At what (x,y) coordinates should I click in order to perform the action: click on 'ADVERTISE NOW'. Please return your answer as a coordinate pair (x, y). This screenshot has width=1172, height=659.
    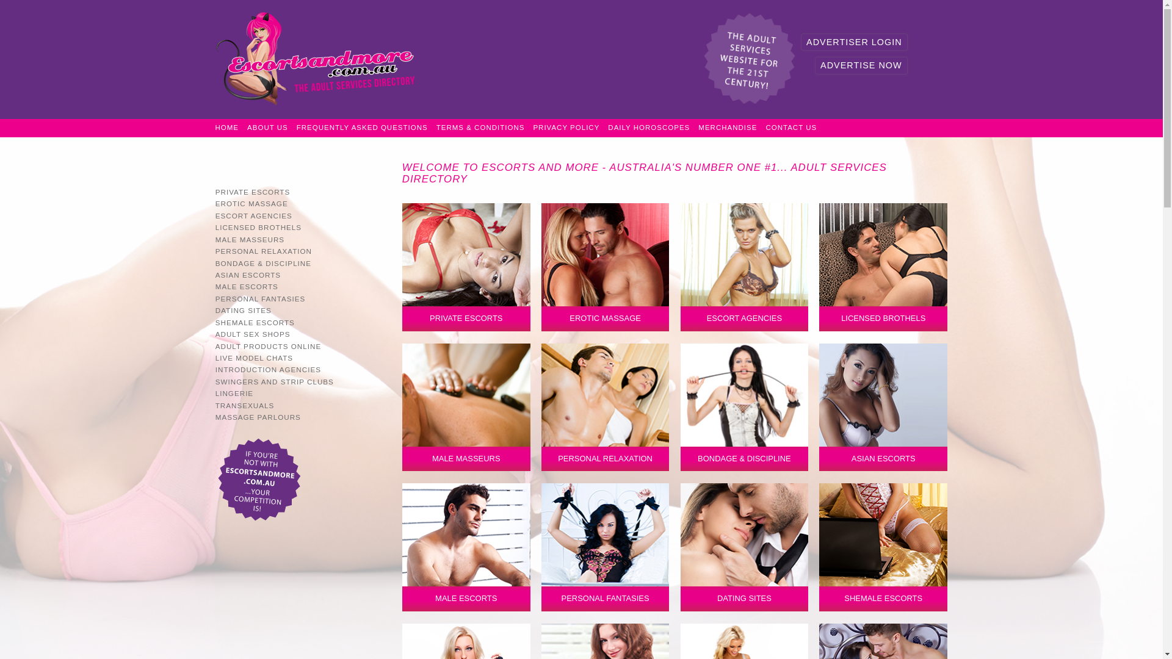
    Looking at the image, I should click on (860, 65).